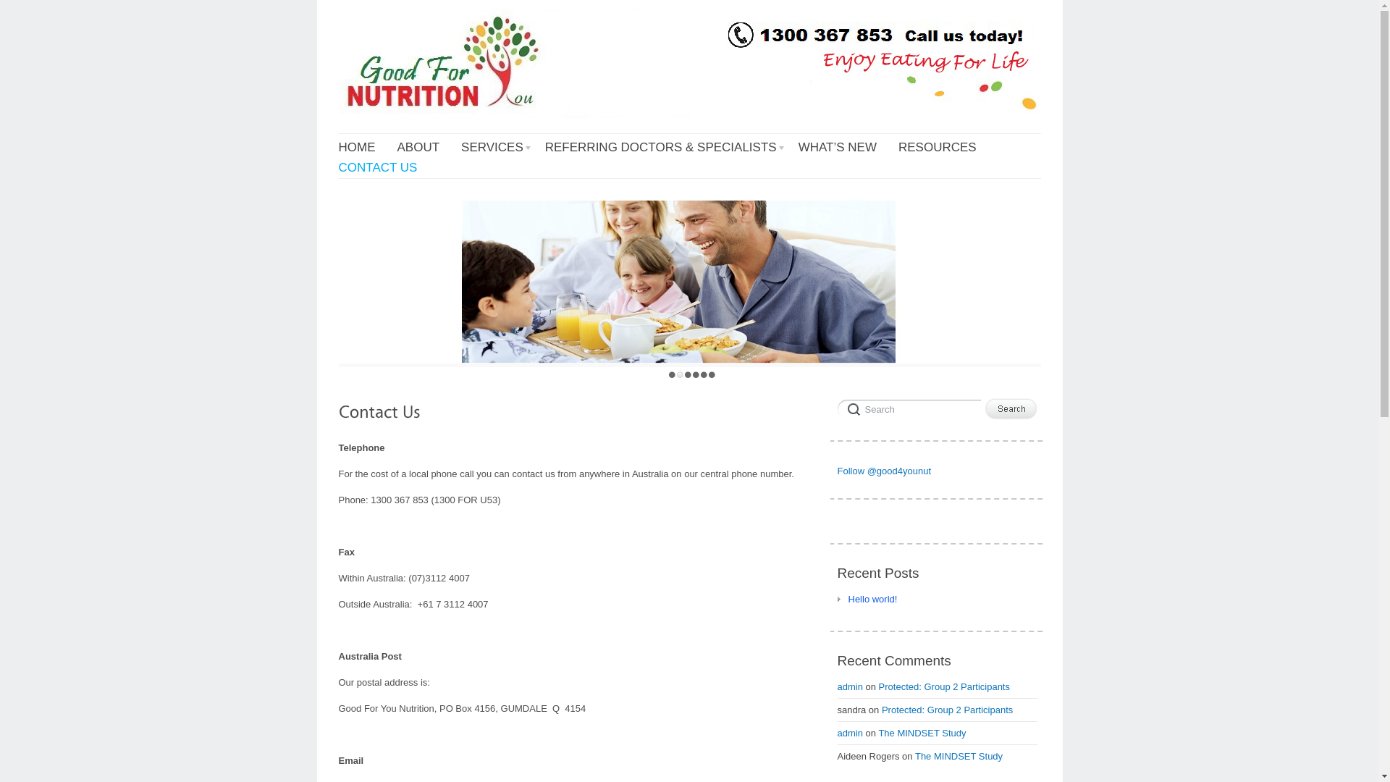 The image size is (1390, 782). I want to click on 'Search', so click(1010, 408).